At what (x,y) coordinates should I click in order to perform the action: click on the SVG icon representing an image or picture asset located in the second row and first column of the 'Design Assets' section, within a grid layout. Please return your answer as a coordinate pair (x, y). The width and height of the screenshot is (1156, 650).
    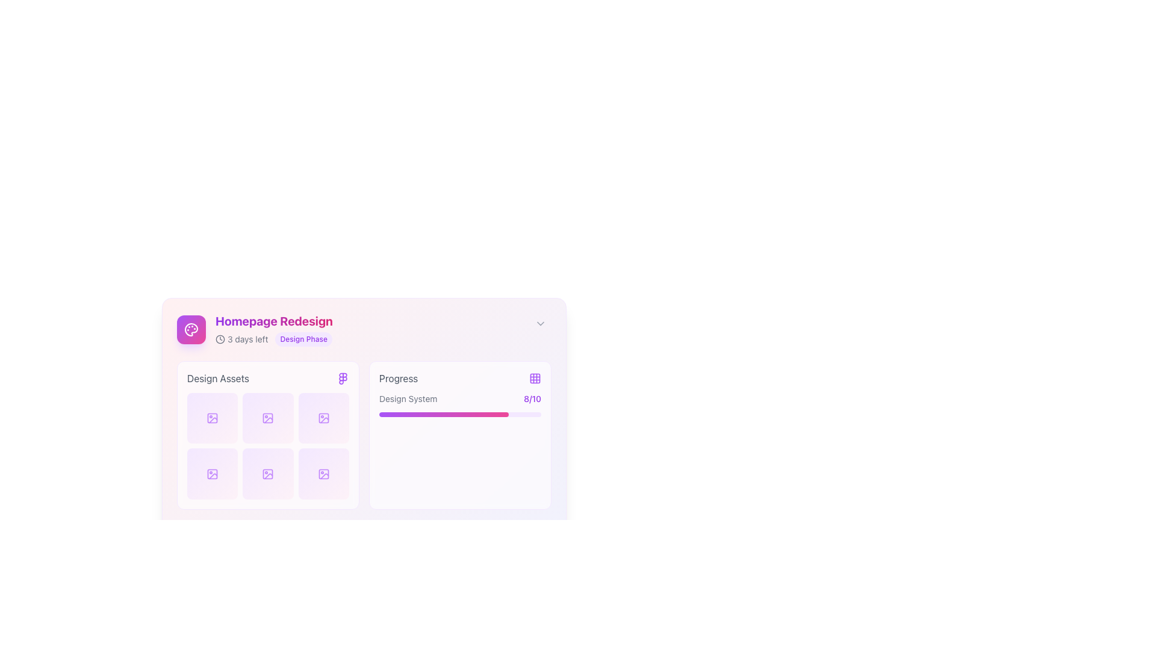
    Looking at the image, I should click on (213, 473).